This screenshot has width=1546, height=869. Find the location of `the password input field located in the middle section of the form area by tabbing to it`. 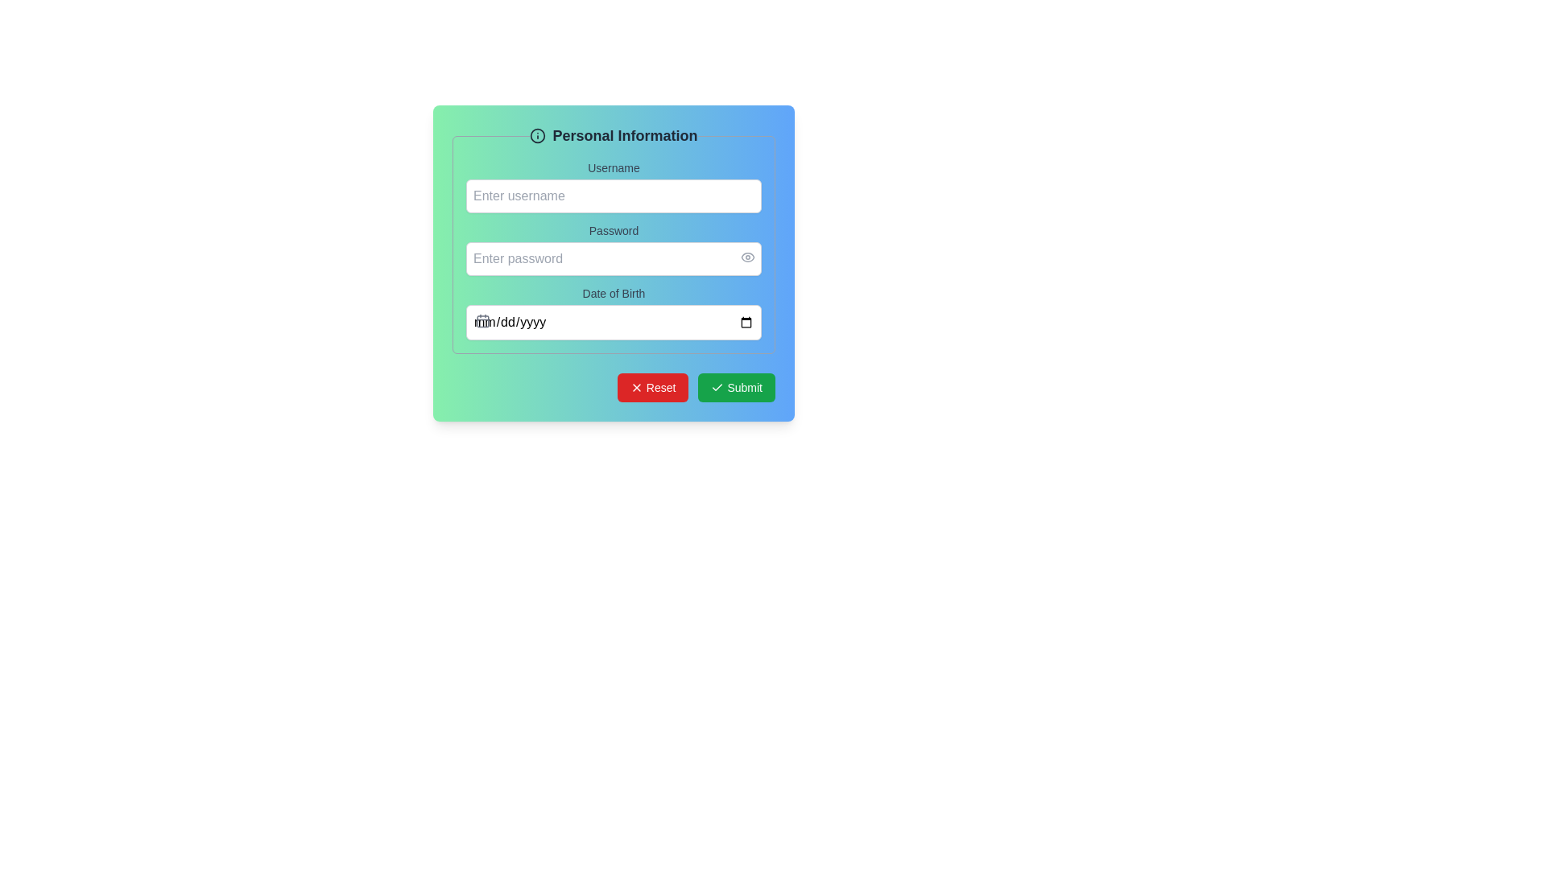

the password input field located in the middle section of the form area by tabbing to it is located at coordinates (613, 262).